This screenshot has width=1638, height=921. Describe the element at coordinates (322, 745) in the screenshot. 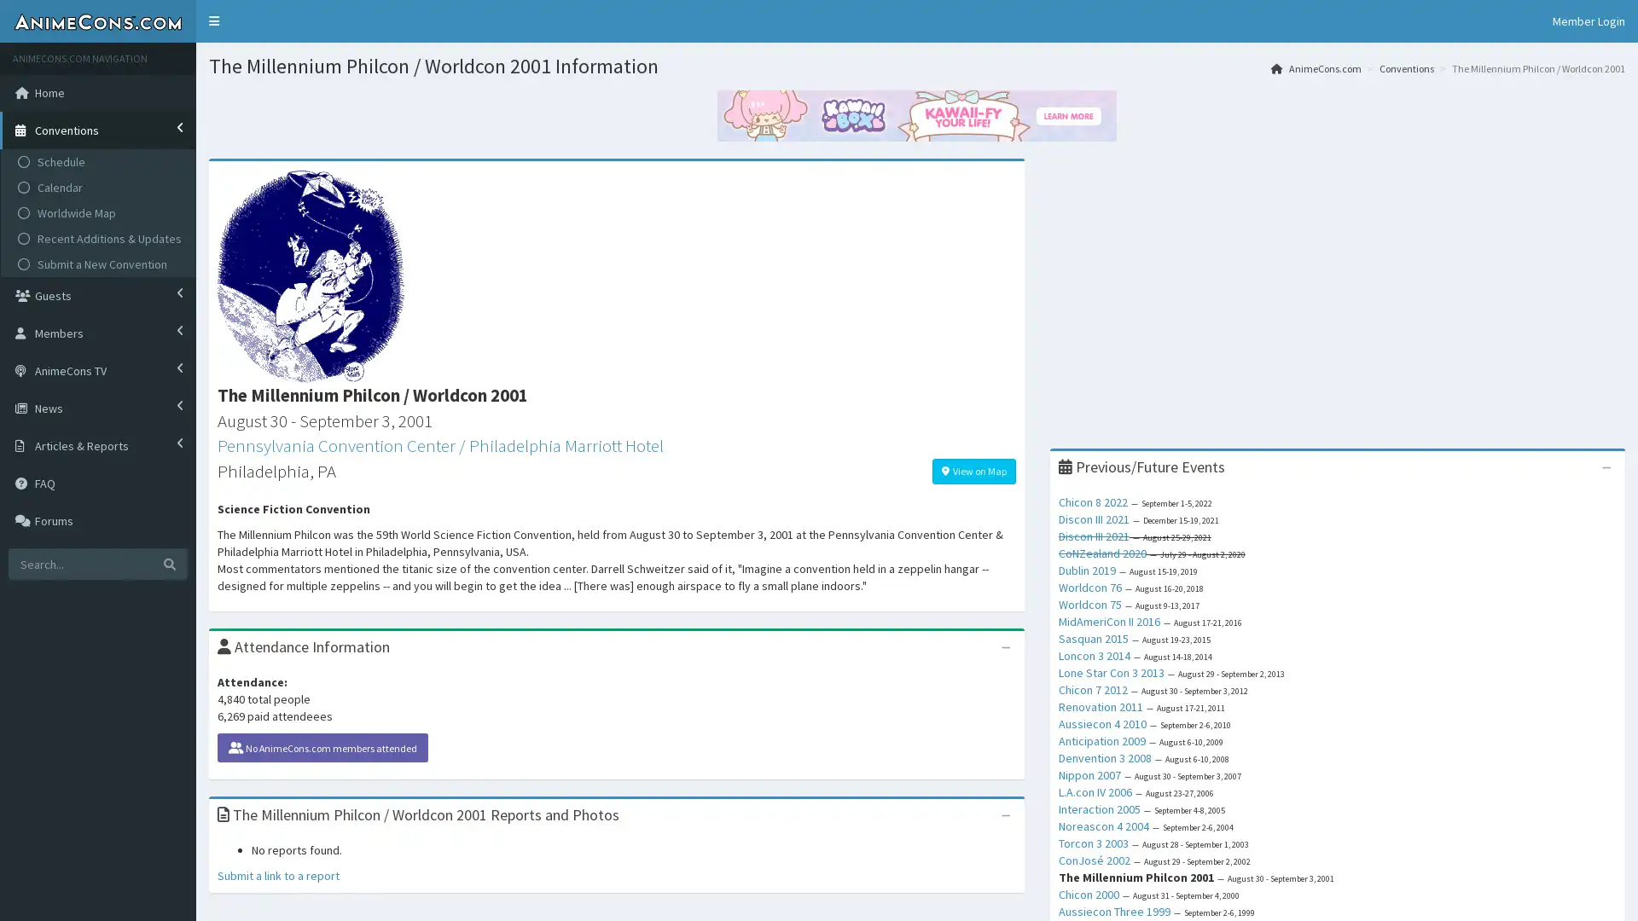

I see `No AnimeCons.com members attended` at that location.